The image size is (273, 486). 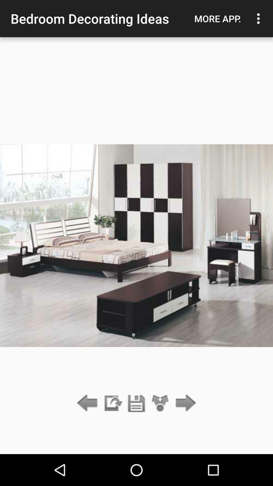 What do you see at coordinates (136, 403) in the screenshot?
I see `the save icon` at bounding box center [136, 403].